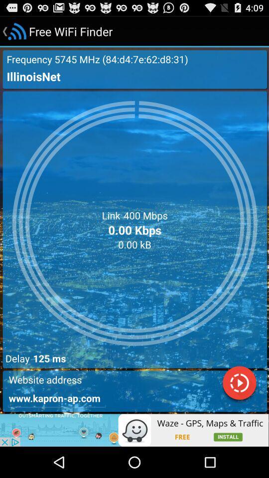  I want to click on play, so click(239, 384).